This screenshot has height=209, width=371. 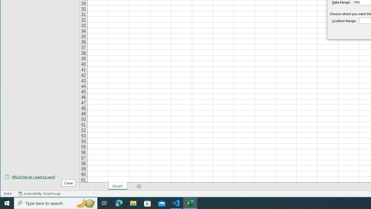 I want to click on 'Sheet1', so click(x=117, y=186).